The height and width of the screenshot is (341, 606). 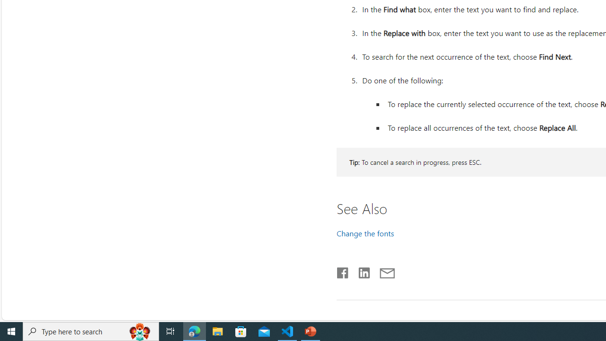 What do you see at coordinates (383, 271) in the screenshot?
I see `'Share by email'` at bounding box center [383, 271].